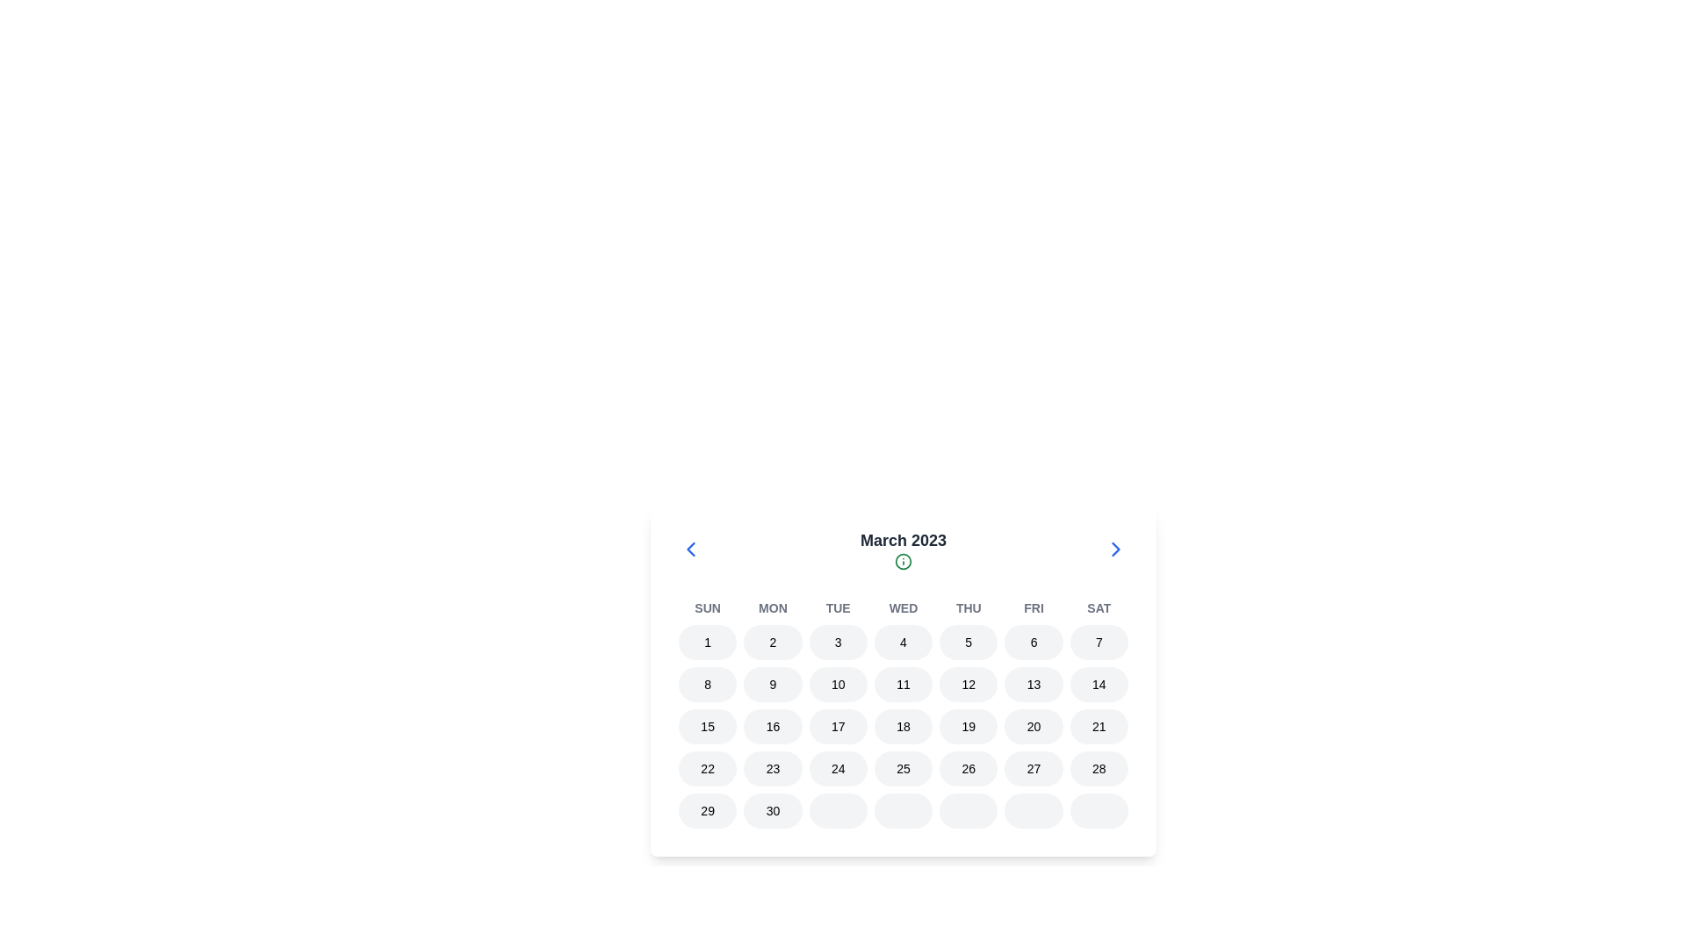  What do you see at coordinates (903, 680) in the screenshot?
I see `the date within the Calendar component for March 2023` at bounding box center [903, 680].